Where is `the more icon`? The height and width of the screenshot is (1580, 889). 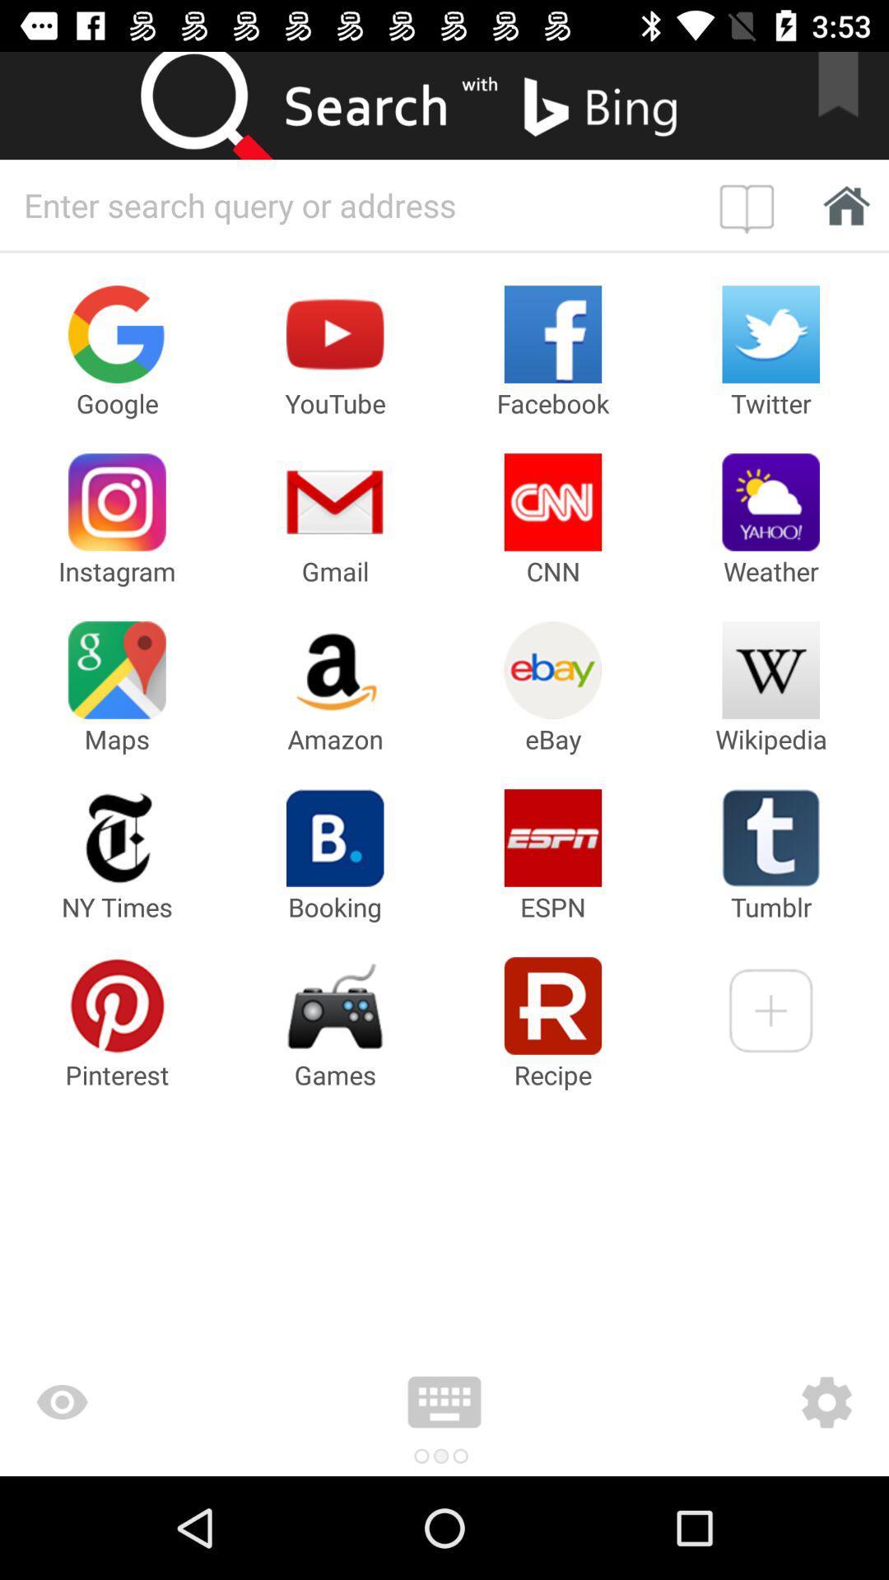 the more icon is located at coordinates (444, 1401).